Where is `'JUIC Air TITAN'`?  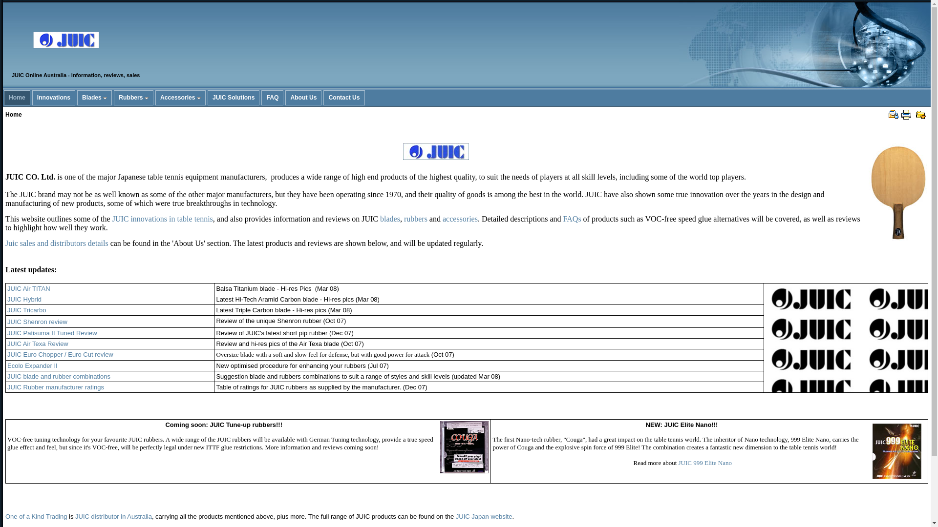 'JUIC Air TITAN' is located at coordinates (28, 288).